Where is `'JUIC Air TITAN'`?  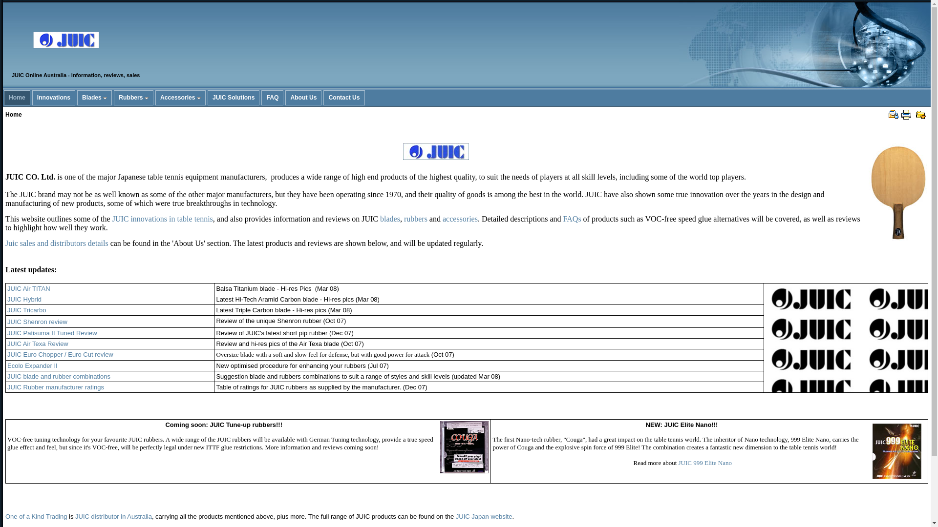 'JUIC Air TITAN' is located at coordinates (28, 288).